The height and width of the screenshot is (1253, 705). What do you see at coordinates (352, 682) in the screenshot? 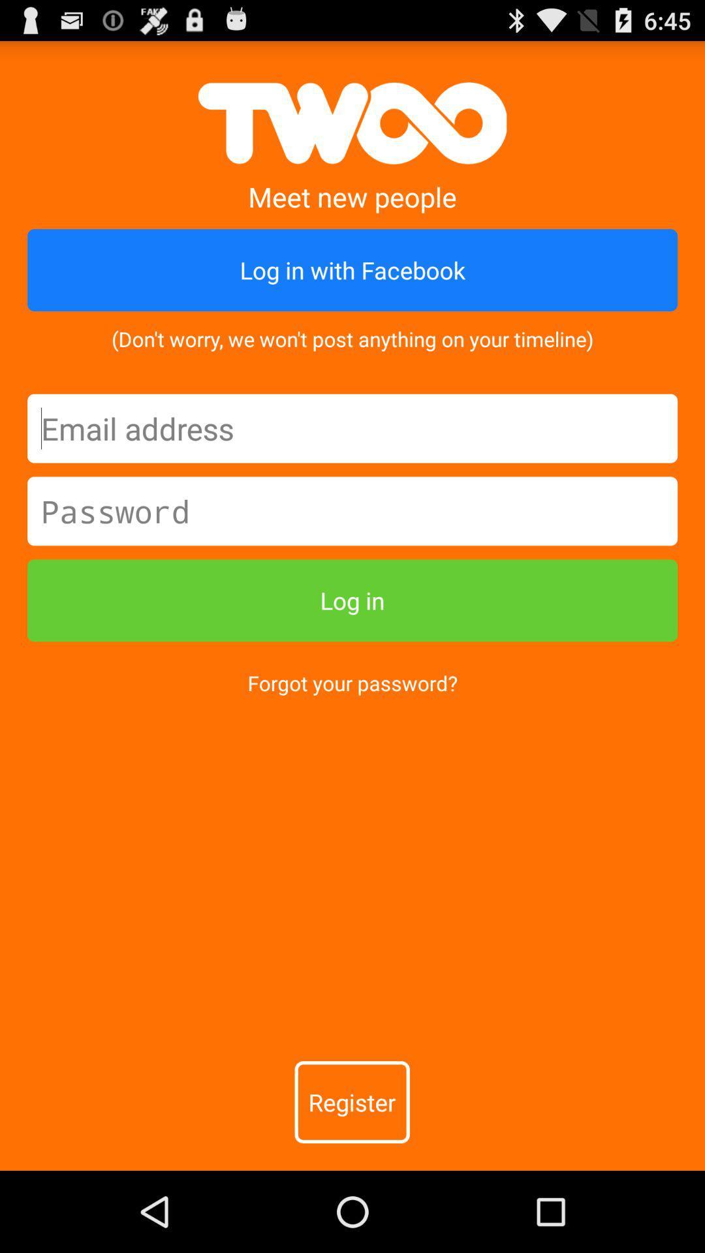
I see `the item below the log in` at bounding box center [352, 682].